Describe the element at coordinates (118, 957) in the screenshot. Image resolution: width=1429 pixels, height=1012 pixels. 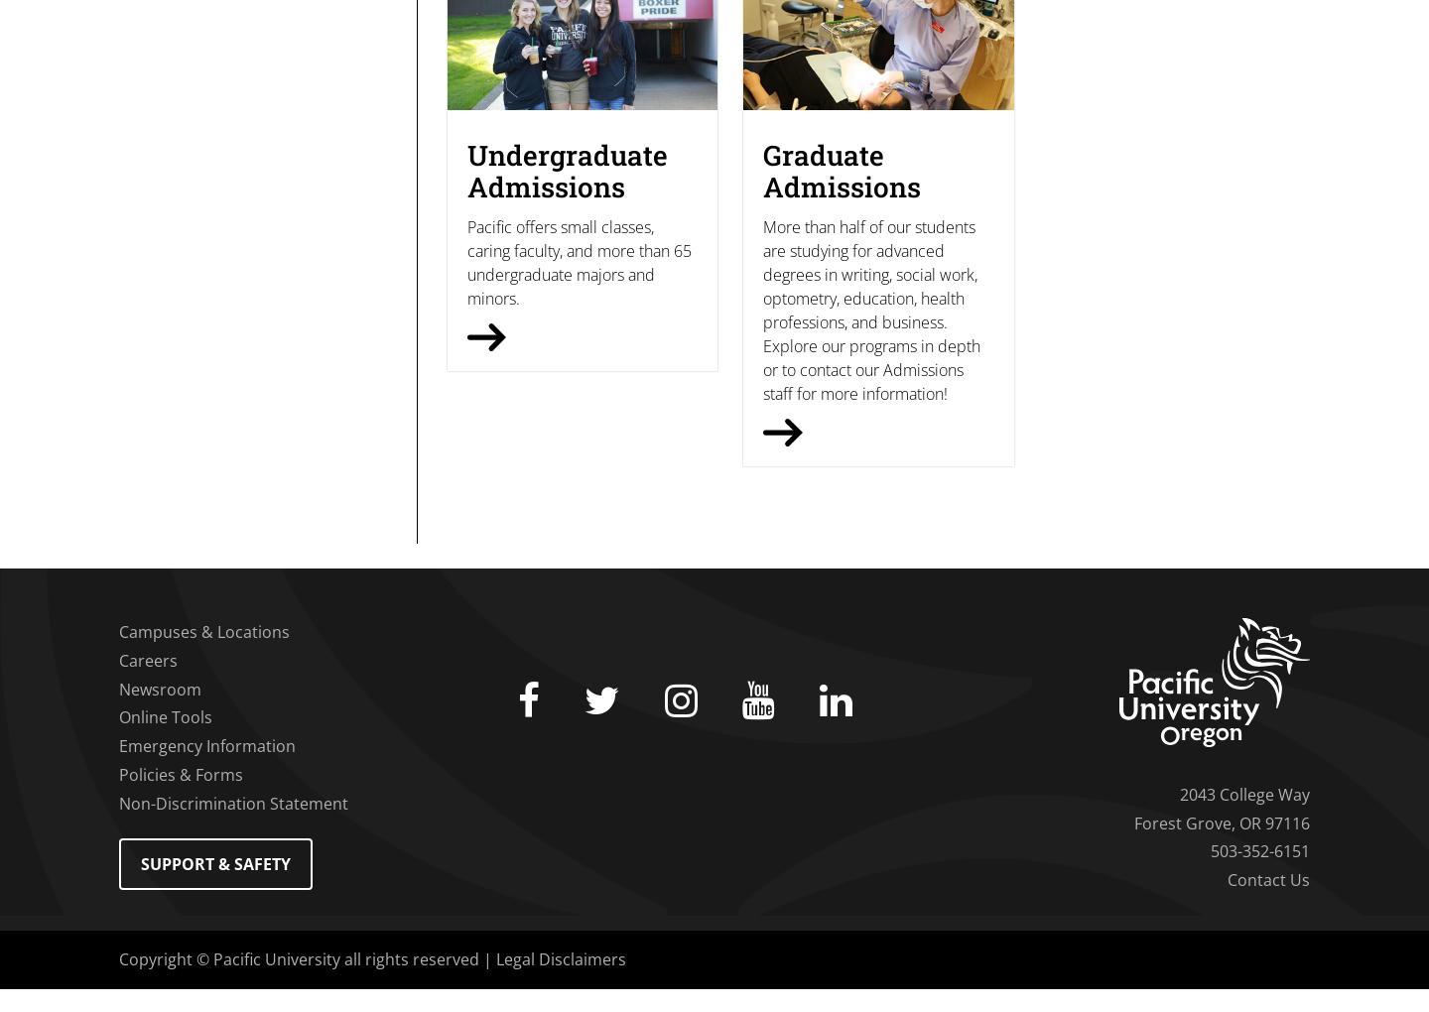
I see `'Copyright © Pacific University all rights reserved |'` at that location.